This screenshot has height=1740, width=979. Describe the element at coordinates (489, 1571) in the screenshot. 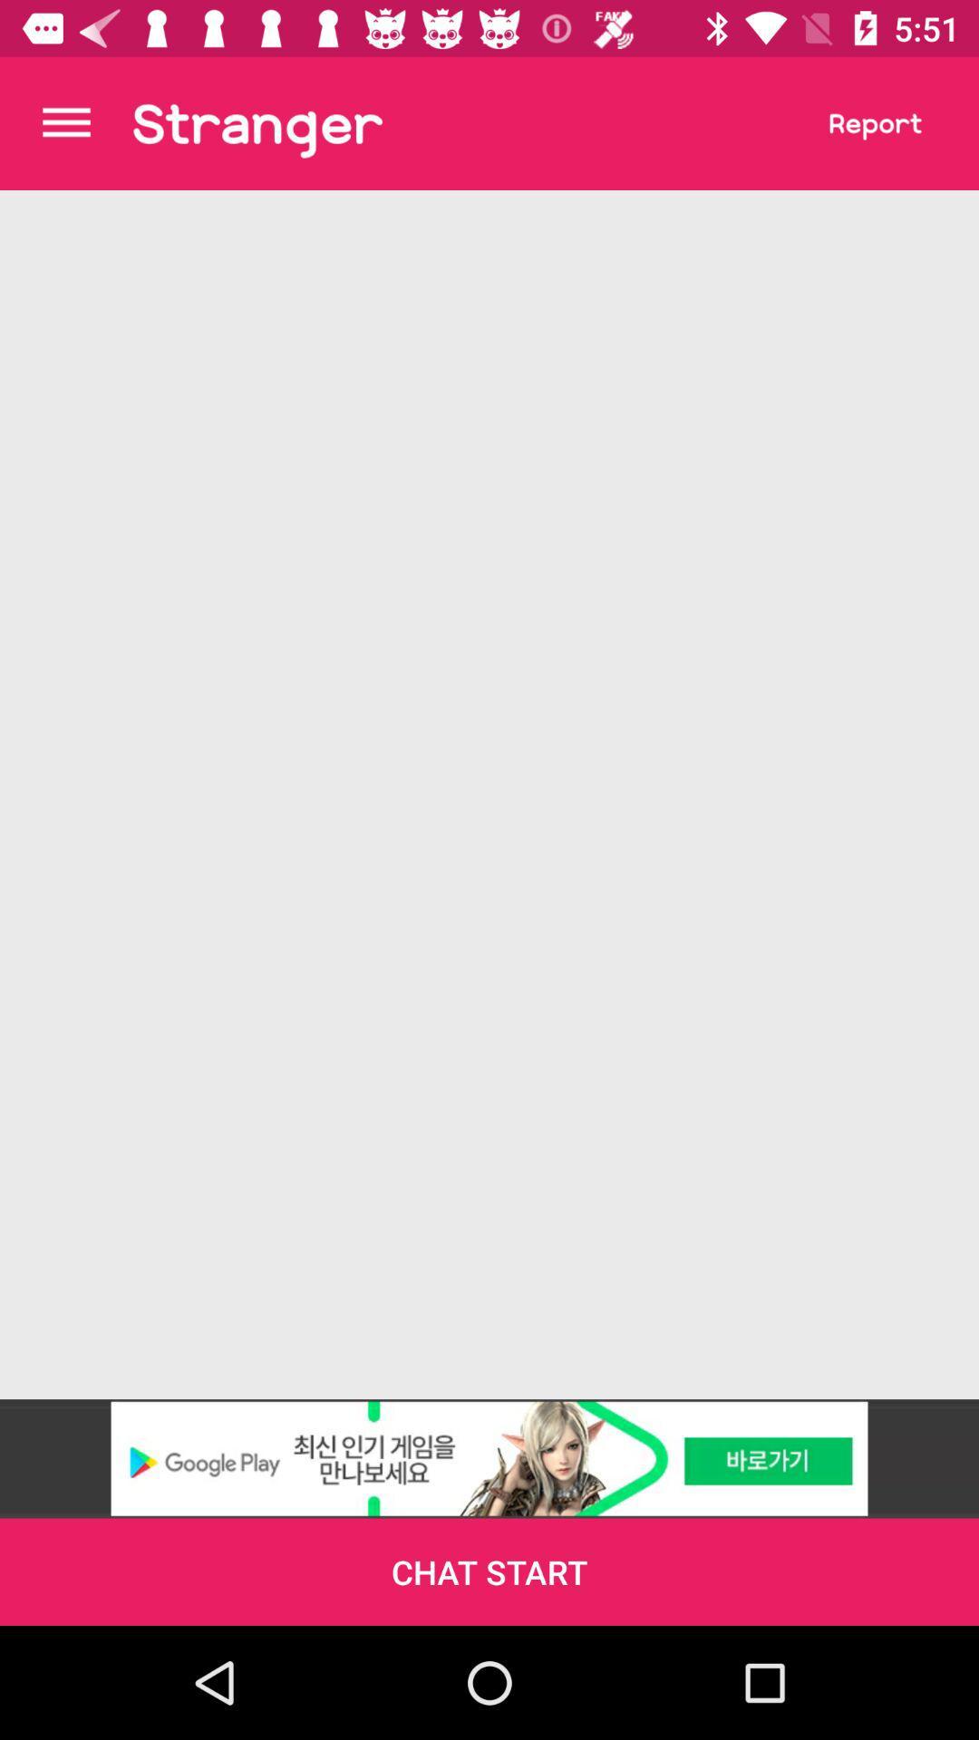

I see `the chat start icon` at that location.